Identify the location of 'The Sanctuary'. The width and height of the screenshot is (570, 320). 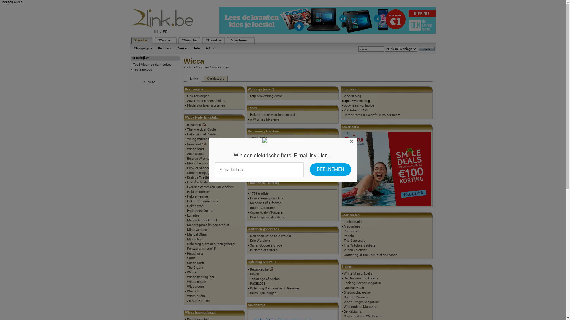
(343, 241).